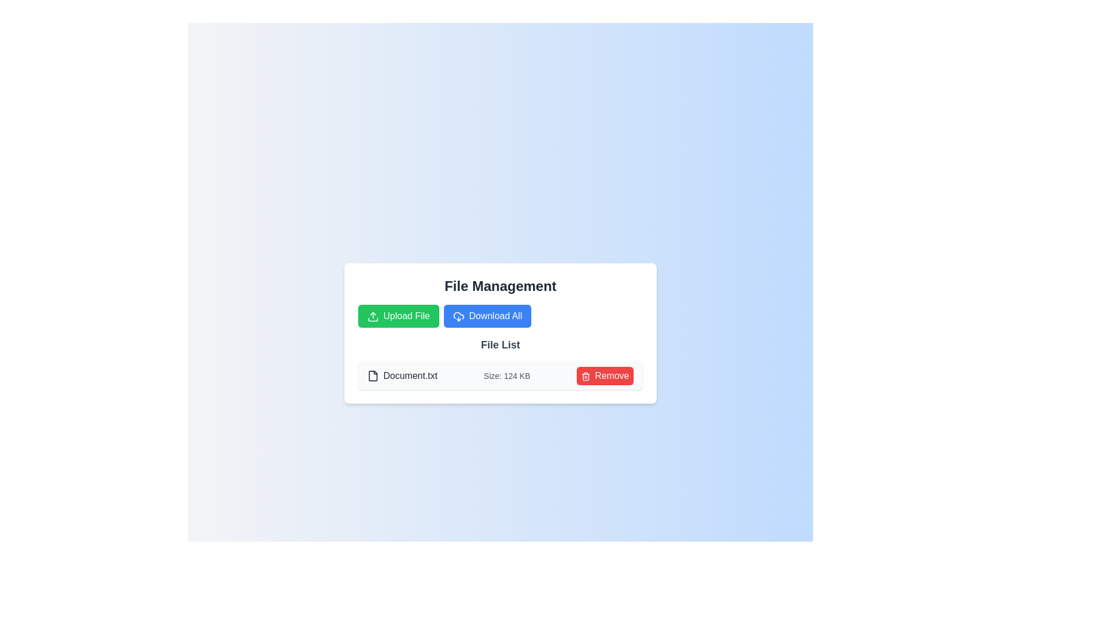 Image resolution: width=1104 pixels, height=621 pixels. I want to click on the 'File List' text label, which is a bold, large gray text element positioned centrally above the list of files and below the 'Upload File' and 'Download All' buttons, so click(500, 344).